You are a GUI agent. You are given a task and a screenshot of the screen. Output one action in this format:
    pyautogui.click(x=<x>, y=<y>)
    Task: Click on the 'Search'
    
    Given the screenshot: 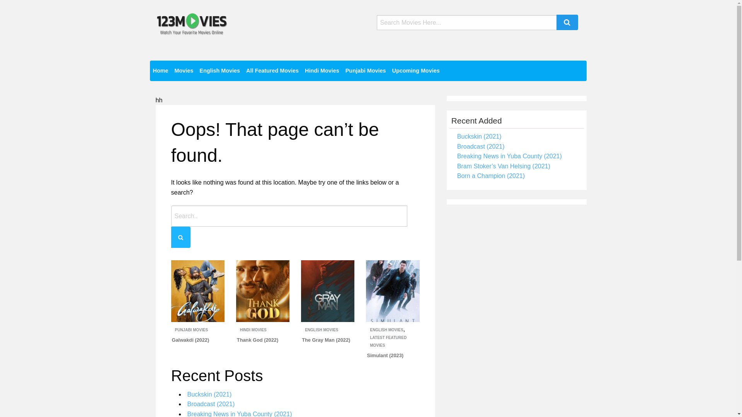 What is the action you would take?
    pyautogui.click(x=567, y=22)
    